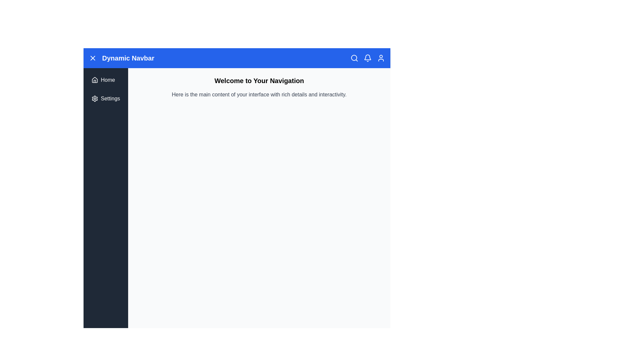 This screenshot has height=359, width=639. What do you see at coordinates (381, 58) in the screenshot?
I see `the user profile icon, which is the fourth icon from the right in the blue navigation bar at the top-right corner` at bounding box center [381, 58].